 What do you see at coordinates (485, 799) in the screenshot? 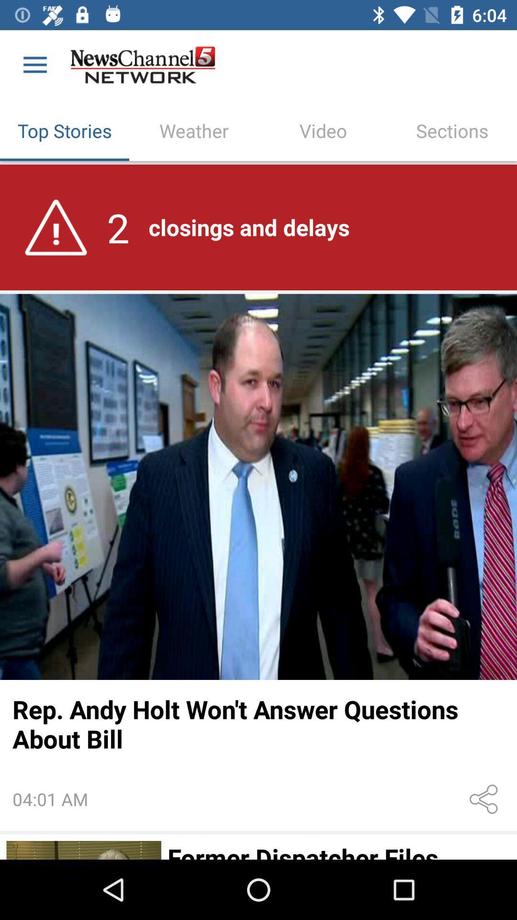
I see `the item below the rep andy holt item` at bounding box center [485, 799].